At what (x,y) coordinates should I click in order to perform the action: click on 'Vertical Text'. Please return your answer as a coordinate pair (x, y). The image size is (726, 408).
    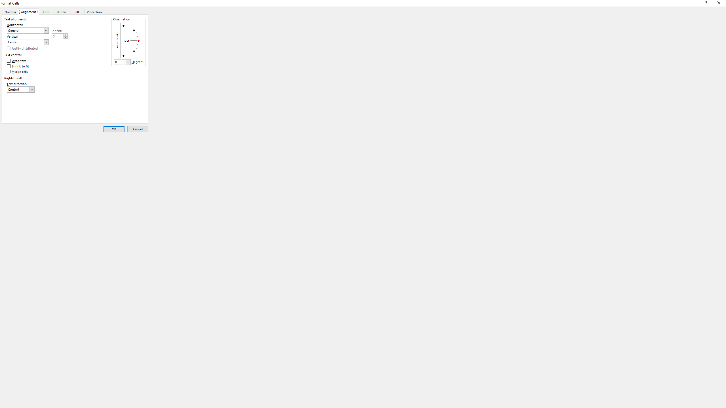
    Looking at the image, I should click on (117, 40).